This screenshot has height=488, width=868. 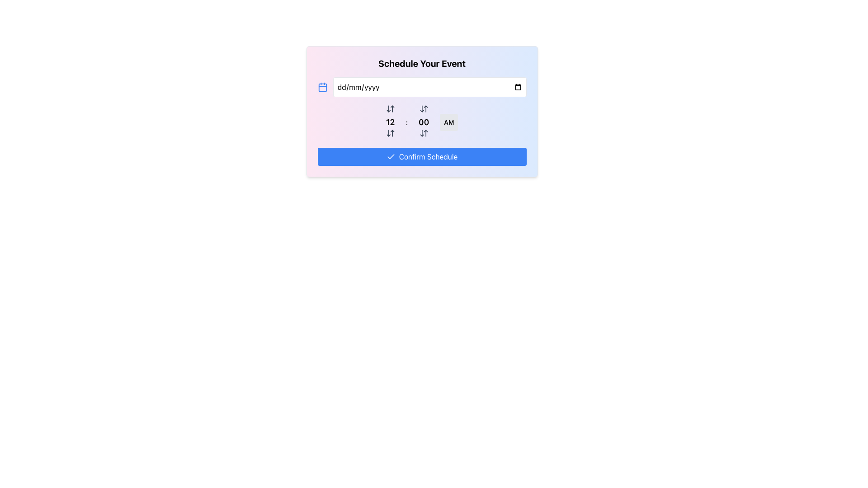 I want to click on the central rectangular area of the blue calendar icon located to the left of the 'dd/mm/yyyy' date input field, so click(x=322, y=87).